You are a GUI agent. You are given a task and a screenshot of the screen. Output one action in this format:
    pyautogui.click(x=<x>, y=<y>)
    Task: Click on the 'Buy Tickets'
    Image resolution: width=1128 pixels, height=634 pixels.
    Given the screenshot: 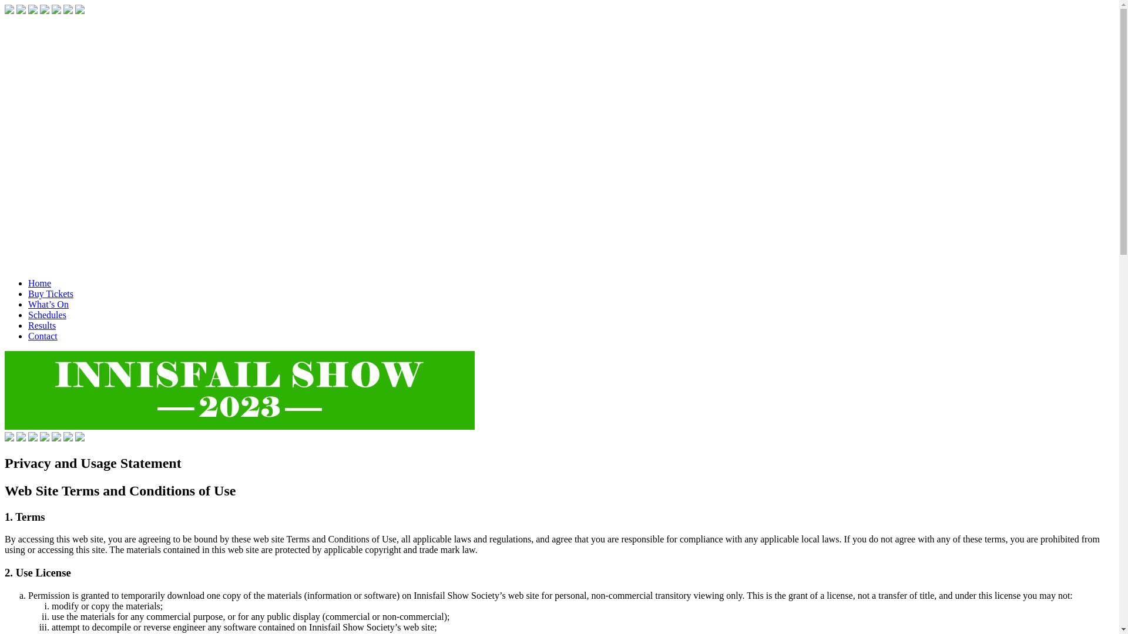 What is the action you would take?
    pyautogui.click(x=50, y=293)
    